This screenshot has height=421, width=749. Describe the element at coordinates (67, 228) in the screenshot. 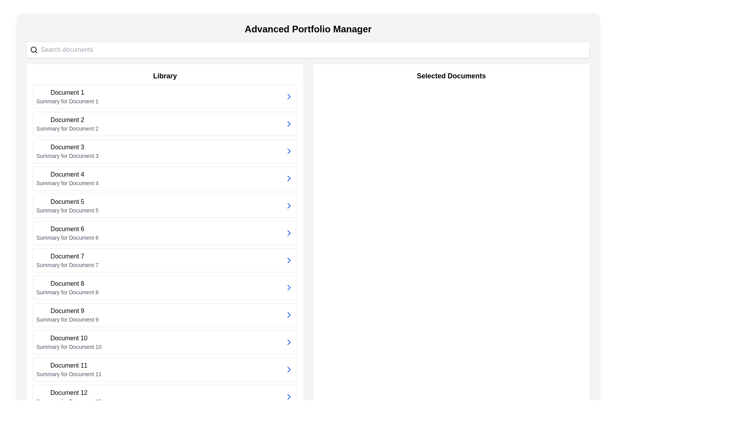

I see `the text label titled 'Document 6 Summary for Document 6' located at the top center of the Library section` at that location.